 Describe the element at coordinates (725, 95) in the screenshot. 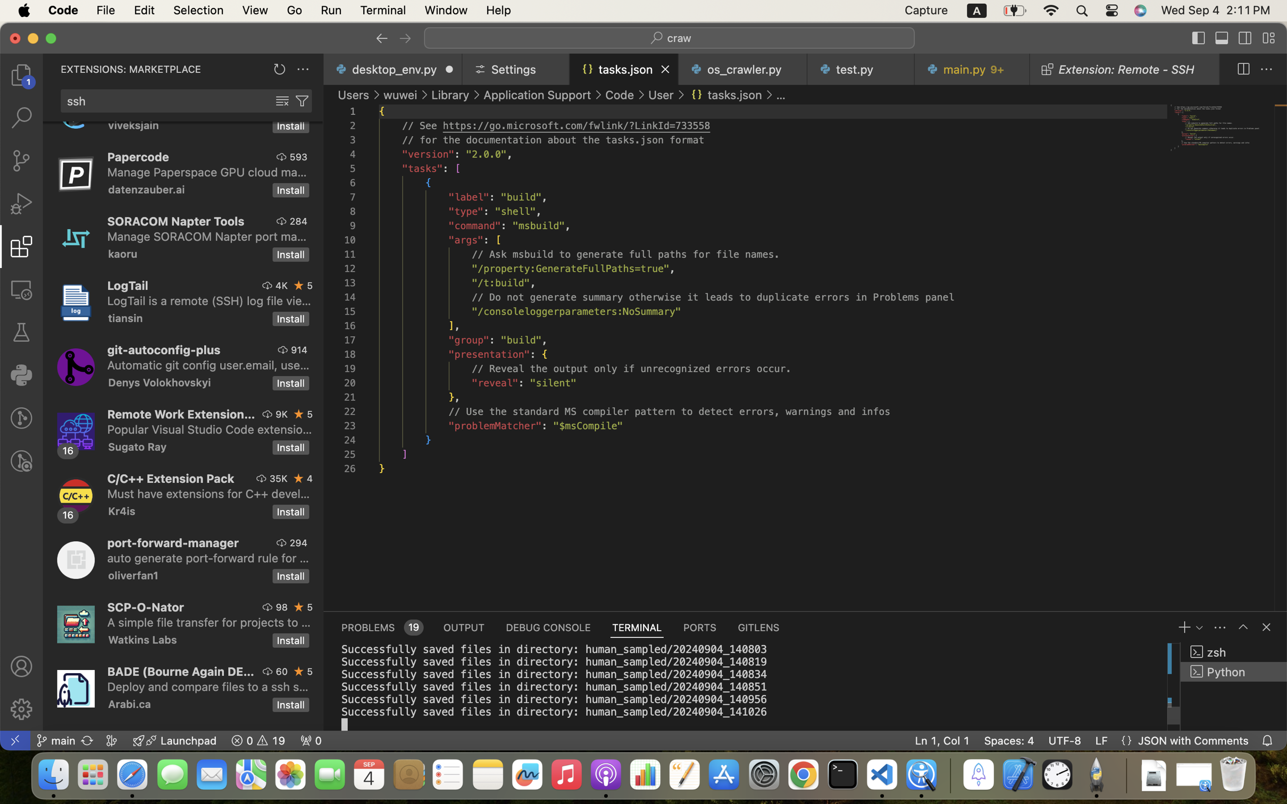

I see `'tasks.json '` at that location.